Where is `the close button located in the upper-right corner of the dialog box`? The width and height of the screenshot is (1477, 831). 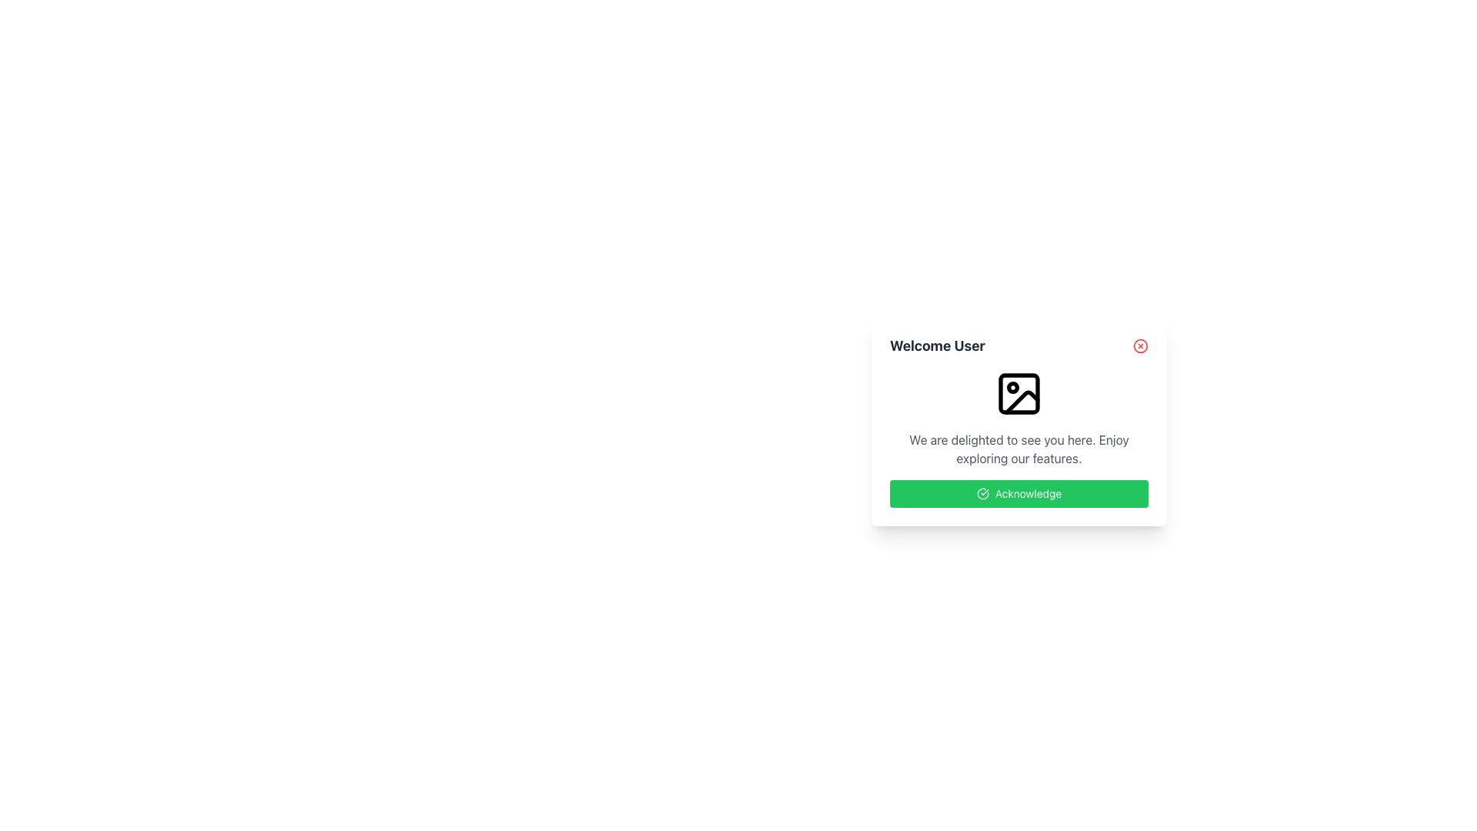 the close button located in the upper-right corner of the dialog box is located at coordinates (1141, 344).